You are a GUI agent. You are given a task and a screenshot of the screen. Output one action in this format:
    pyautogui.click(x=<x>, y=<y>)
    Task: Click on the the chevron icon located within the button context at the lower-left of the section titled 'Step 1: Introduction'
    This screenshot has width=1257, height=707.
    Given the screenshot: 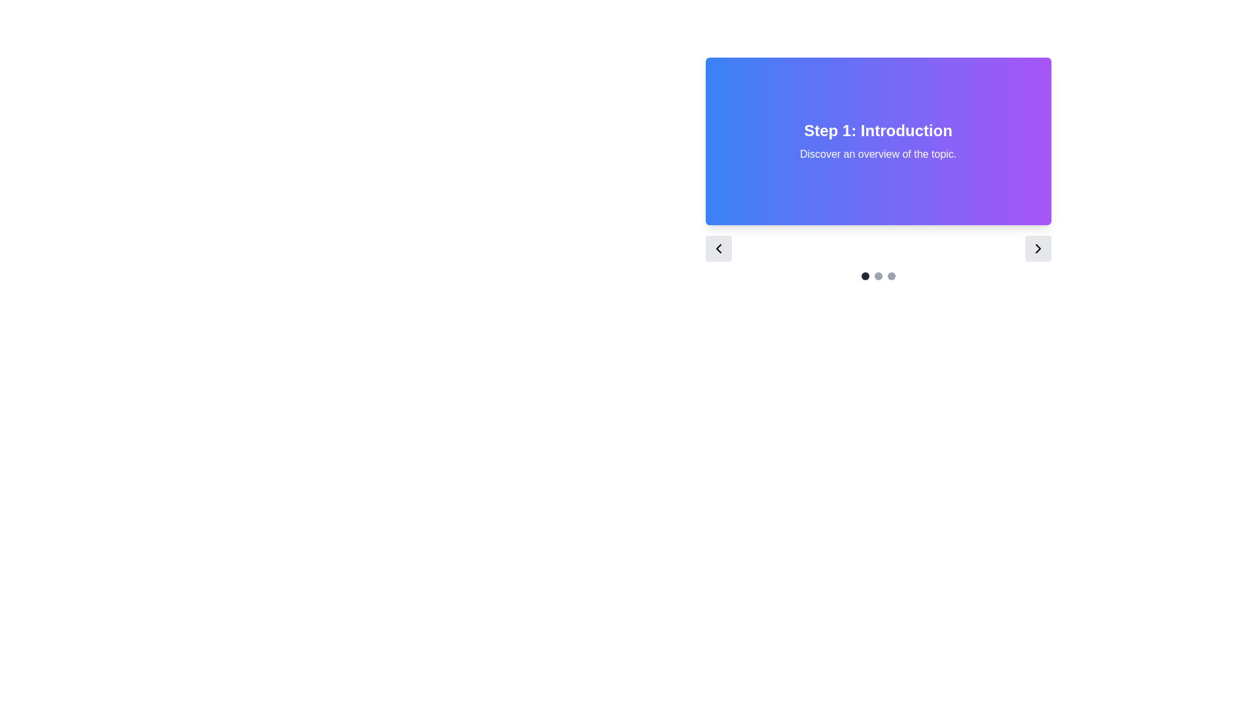 What is the action you would take?
    pyautogui.click(x=718, y=249)
    